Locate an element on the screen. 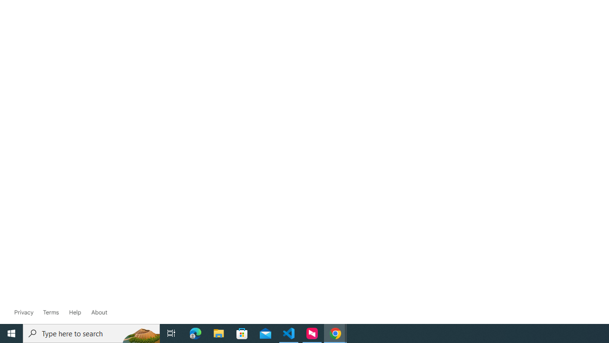  'Learn more about Google Account' is located at coordinates (99, 312).